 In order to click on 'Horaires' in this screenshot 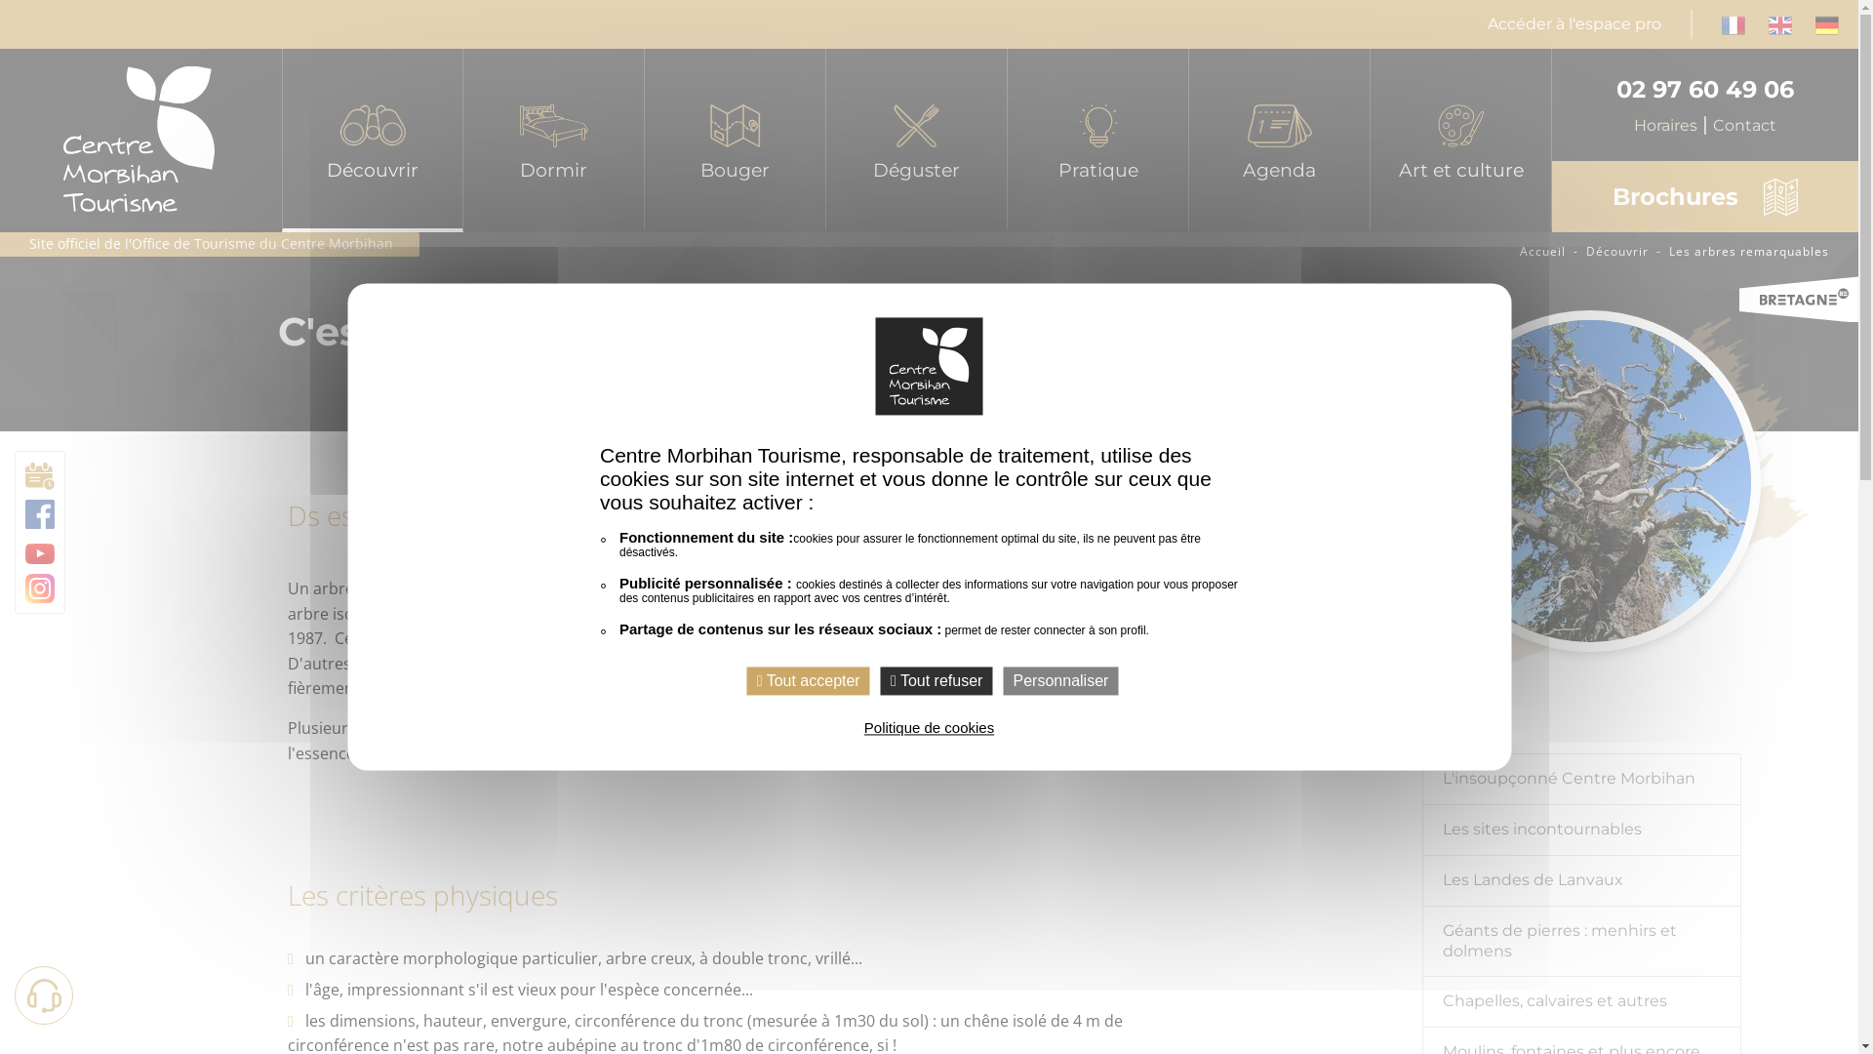, I will do `click(1672, 125)`.